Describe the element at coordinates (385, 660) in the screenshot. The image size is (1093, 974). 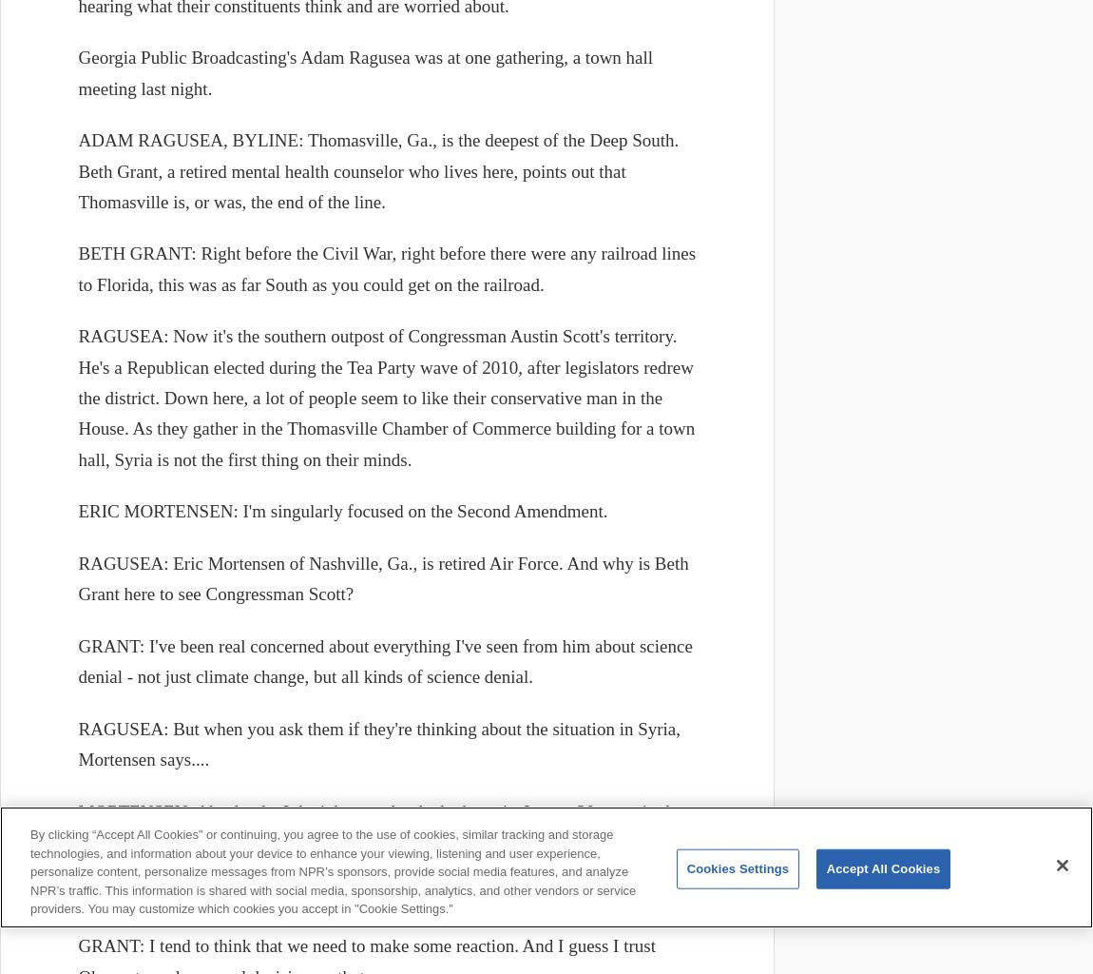
I see `'GRANT: I've been real concerned about everything I've seen from him about science denial - not just climate change, but all kinds of science denial.'` at that location.